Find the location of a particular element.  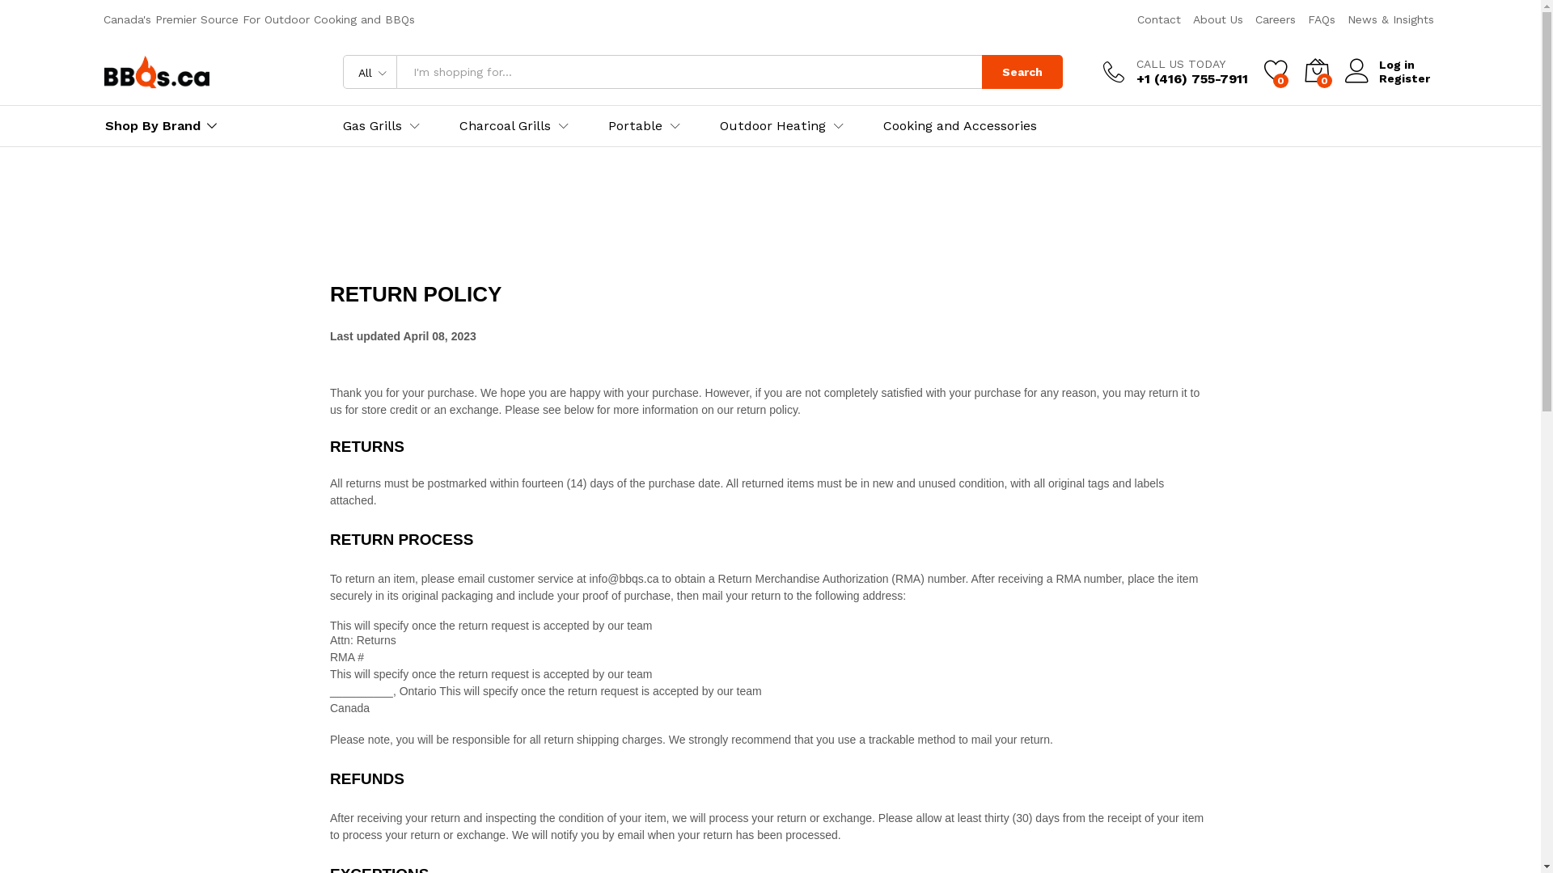

'About Us' is located at coordinates (1217, 19).